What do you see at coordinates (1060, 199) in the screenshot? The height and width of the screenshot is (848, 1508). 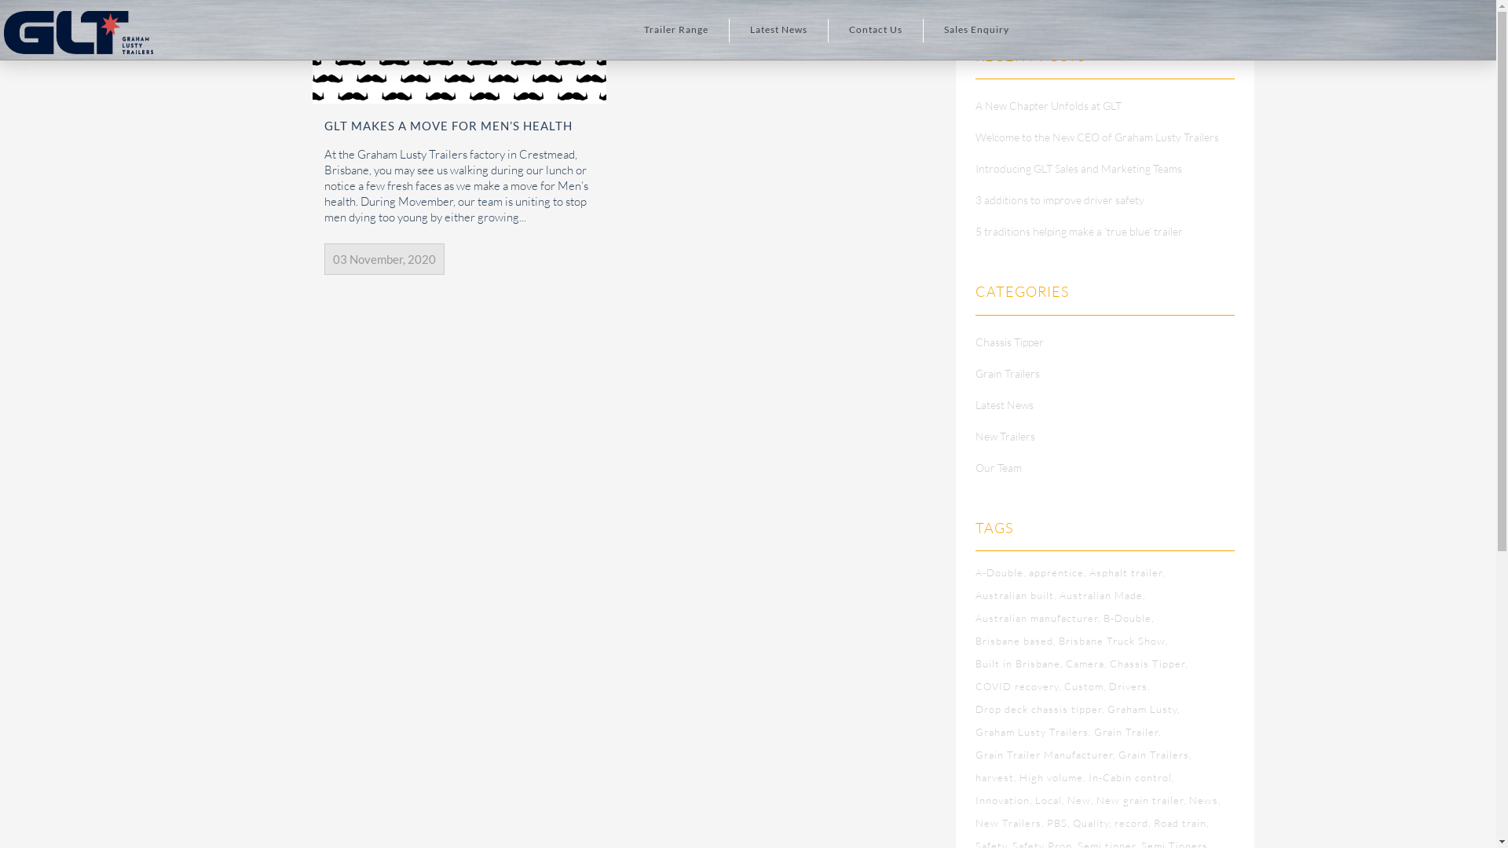 I see `'3 additions to improve driver safety'` at bounding box center [1060, 199].